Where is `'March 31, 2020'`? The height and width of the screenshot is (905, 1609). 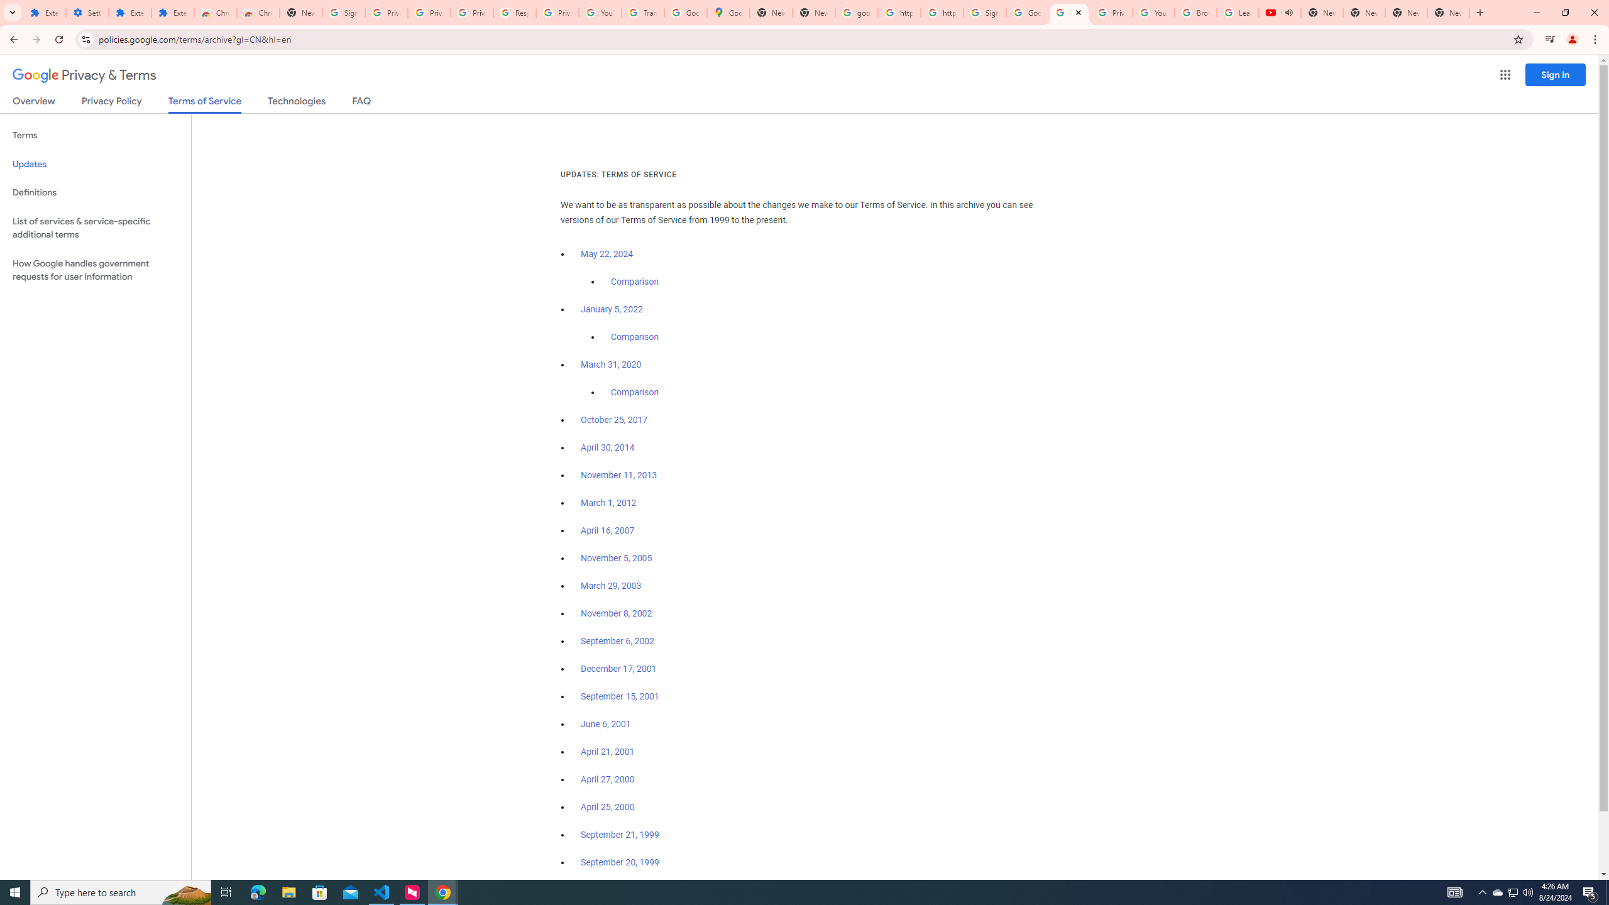 'March 31, 2020' is located at coordinates (610, 365).